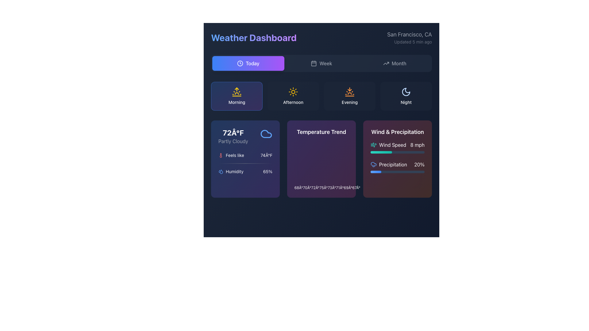 The width and height of the screenshot is (589, 331). What do you see at coordinates (245, 155) in the screenshot?
I see `the informational text element displaying 'Feels like 74Â°F' with the adjacent red thermometer icon` at bounding box center [245, 155].